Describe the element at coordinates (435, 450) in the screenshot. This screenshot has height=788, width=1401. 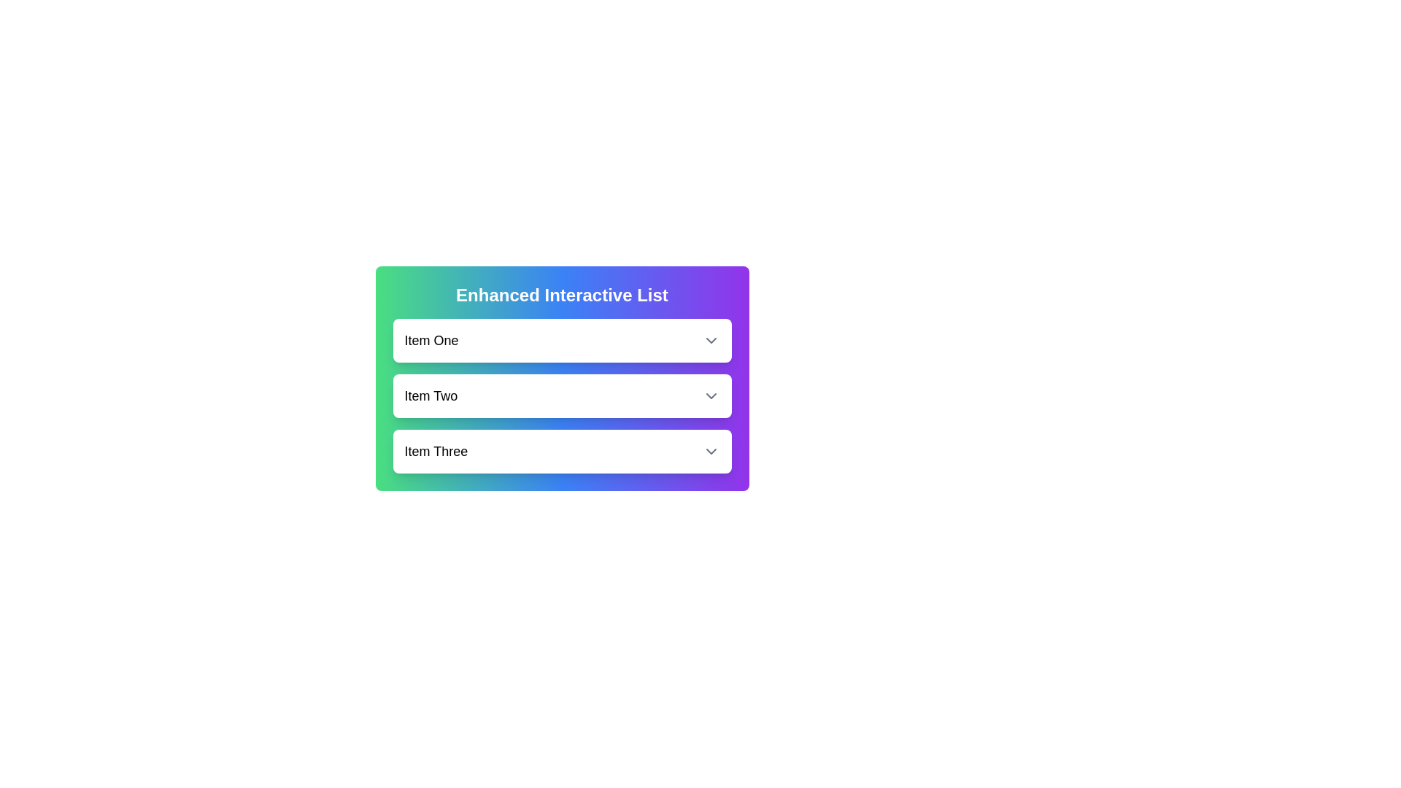
I see `the text label displaying 'Item Three', which is the third item in a vertically stacked list and is aligned with a downward-pointing chevron icon` at that location.